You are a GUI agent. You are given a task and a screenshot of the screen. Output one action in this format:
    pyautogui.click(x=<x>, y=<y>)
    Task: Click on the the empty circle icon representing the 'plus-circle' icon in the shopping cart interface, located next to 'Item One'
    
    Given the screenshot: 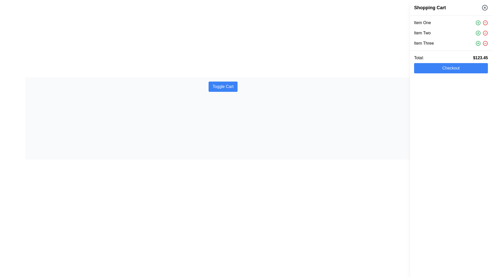 What is the action you would take?
    pyautogui.click(x=478, y=22)
    